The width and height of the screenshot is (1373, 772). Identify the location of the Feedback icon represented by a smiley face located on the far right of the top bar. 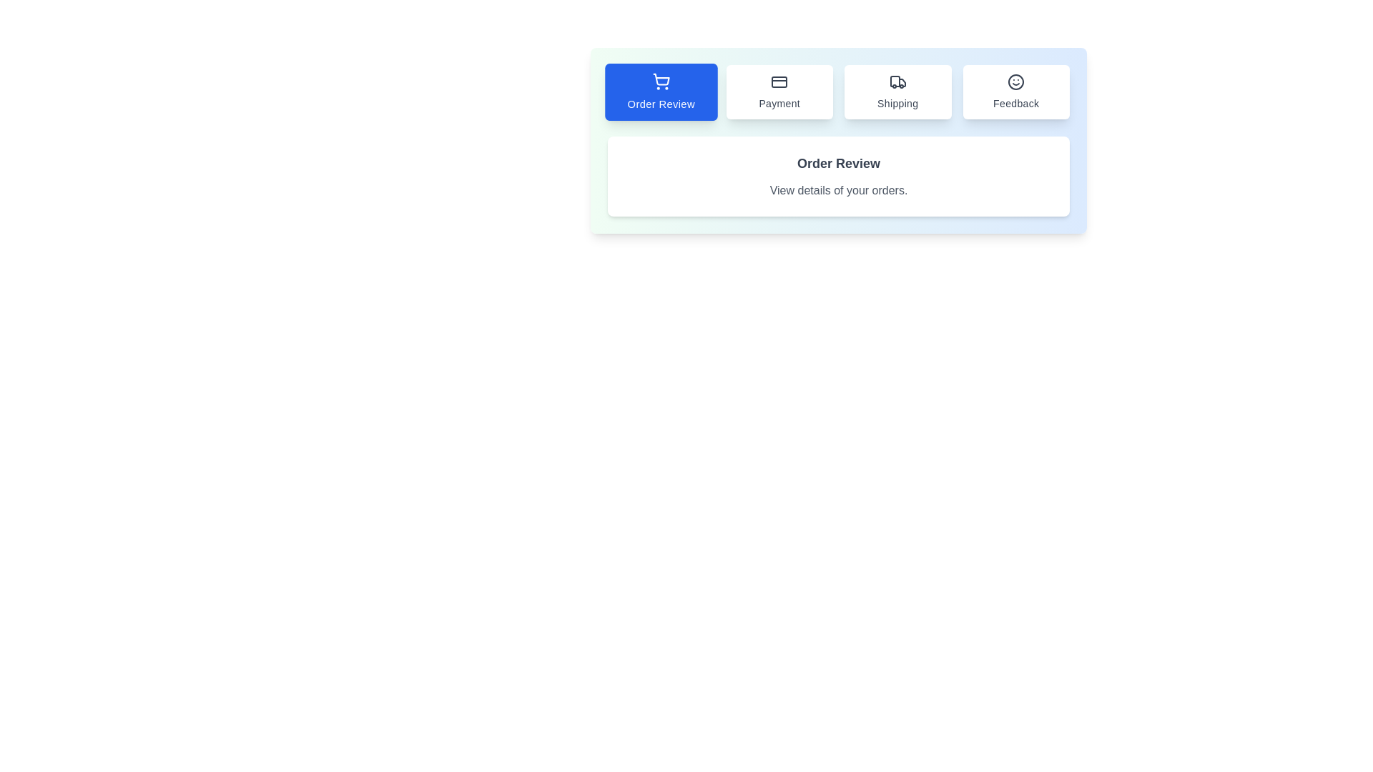
(1015, 82).